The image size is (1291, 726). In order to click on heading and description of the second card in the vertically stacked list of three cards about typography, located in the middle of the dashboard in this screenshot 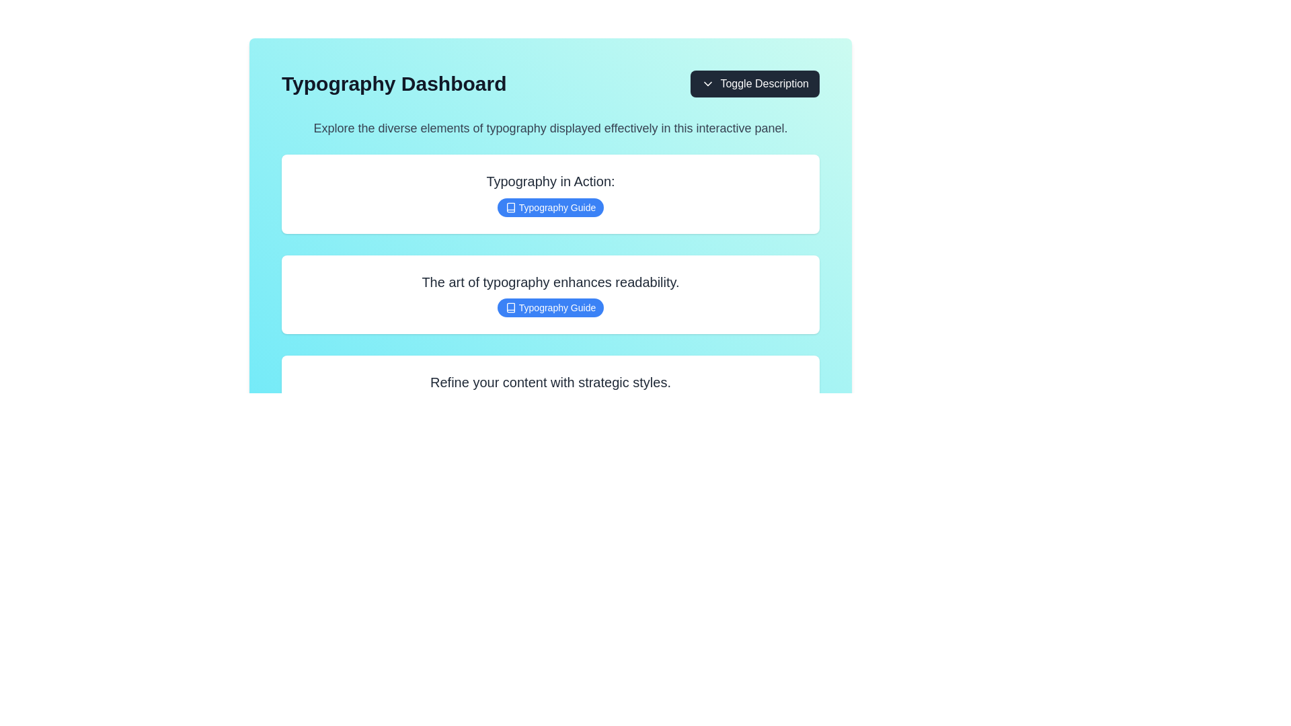, I will do `click(551, 294)`.